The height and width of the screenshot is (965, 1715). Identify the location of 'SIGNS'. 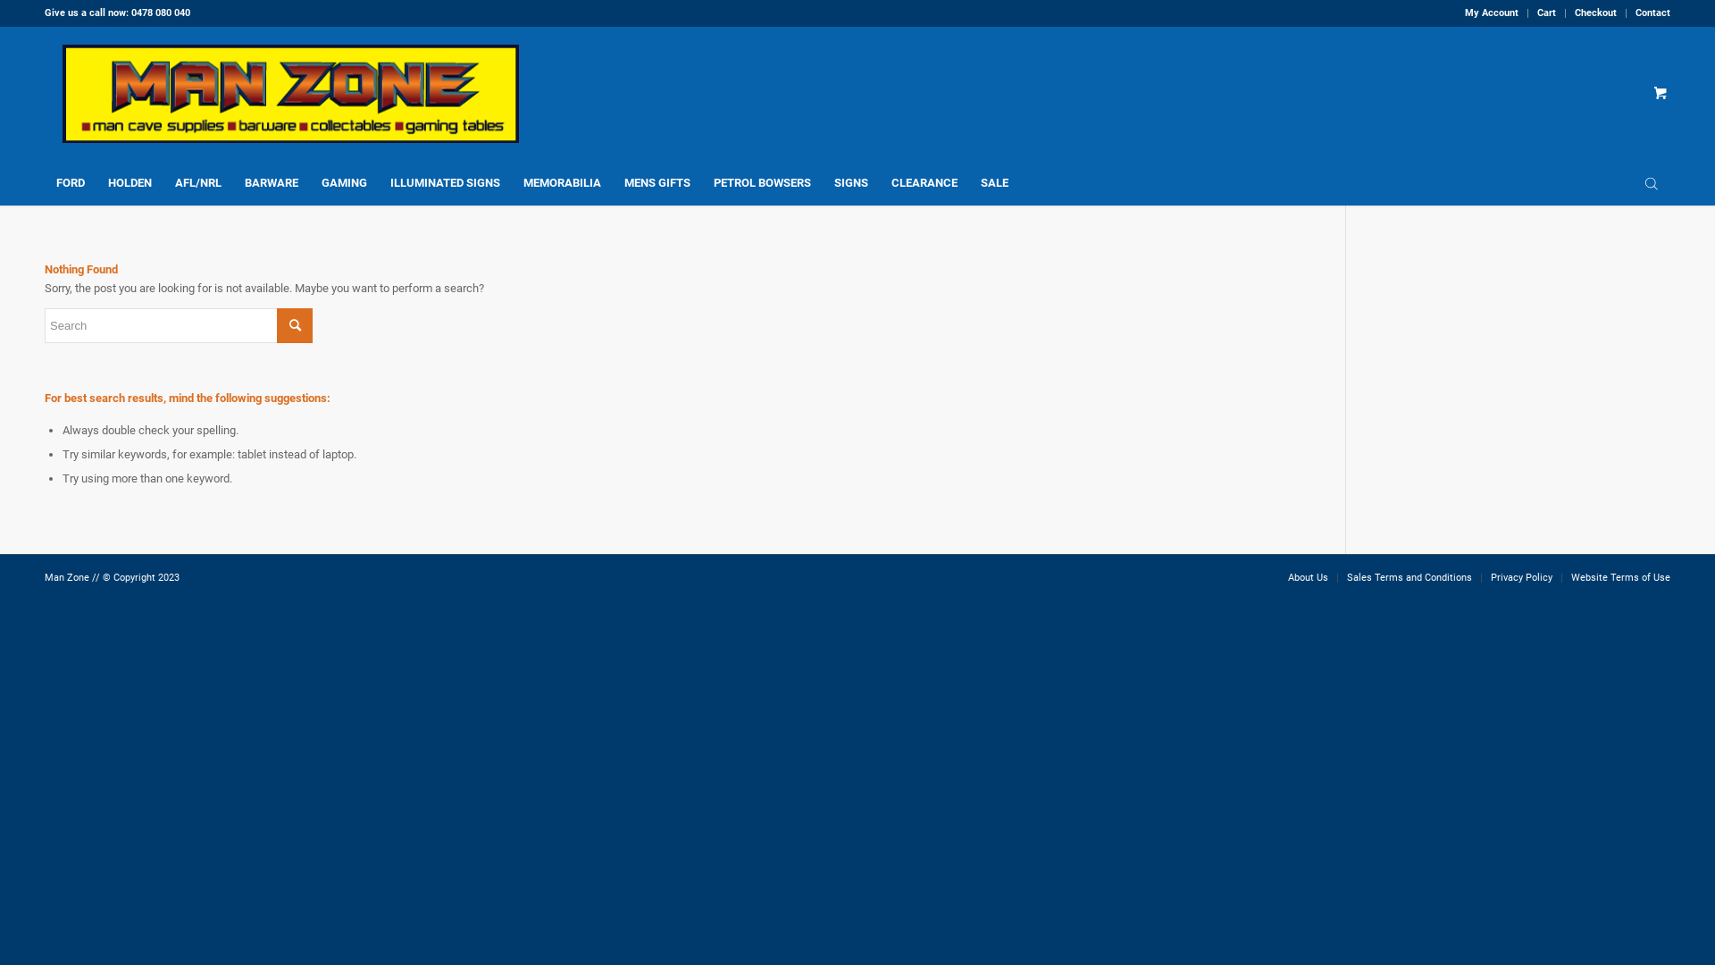
(850, 182).